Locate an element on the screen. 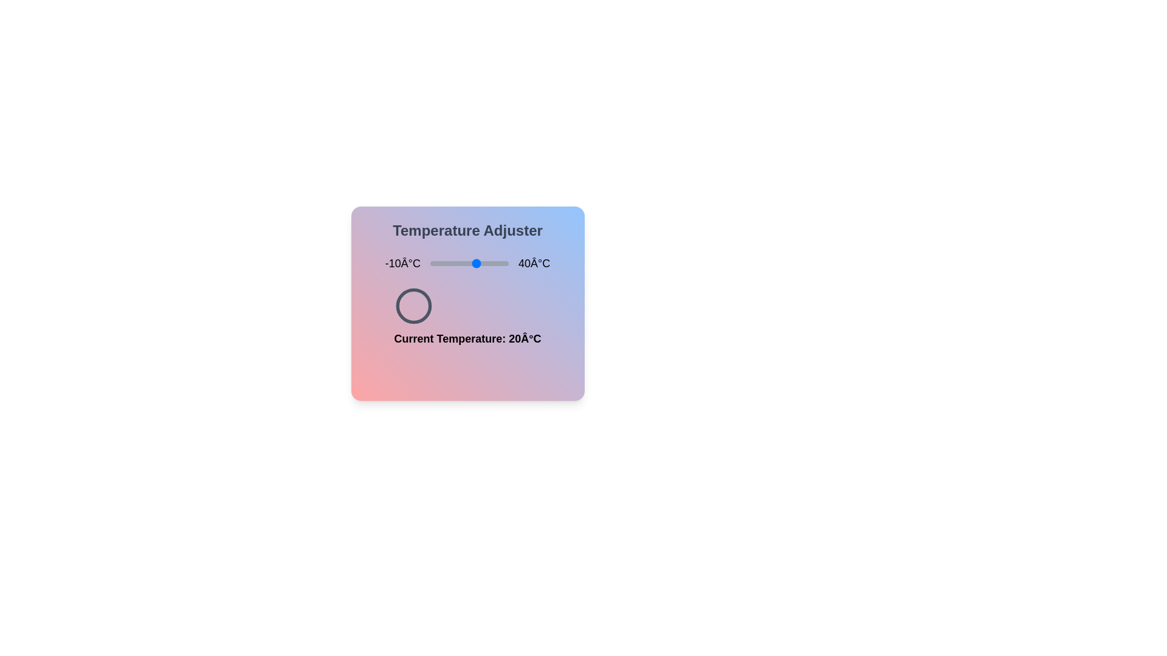 The width and height of the screenshot is (1167, 656). the temperature to 19 degrees Celsius using the slider is located at coordinates (475, 263).